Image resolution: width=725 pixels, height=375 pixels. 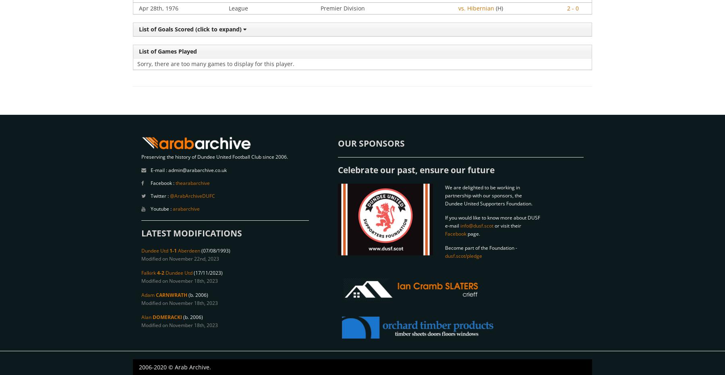 I want to click on 'Adam', so click(x=149, y=295).